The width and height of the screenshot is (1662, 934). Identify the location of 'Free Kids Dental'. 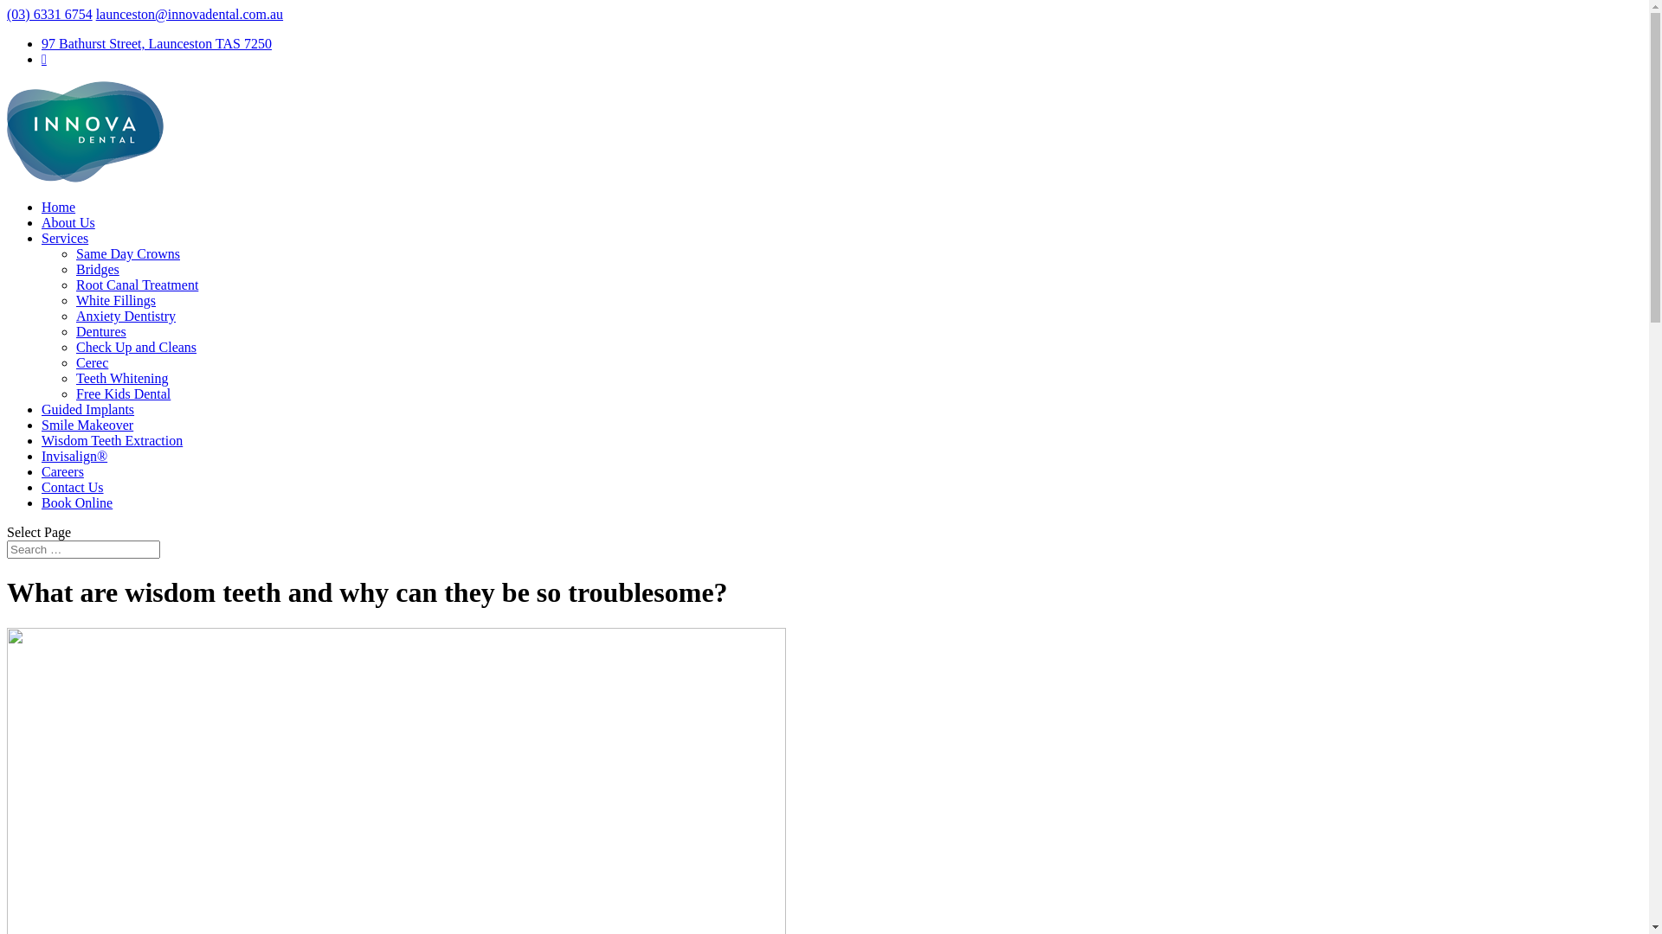
(122, 393).